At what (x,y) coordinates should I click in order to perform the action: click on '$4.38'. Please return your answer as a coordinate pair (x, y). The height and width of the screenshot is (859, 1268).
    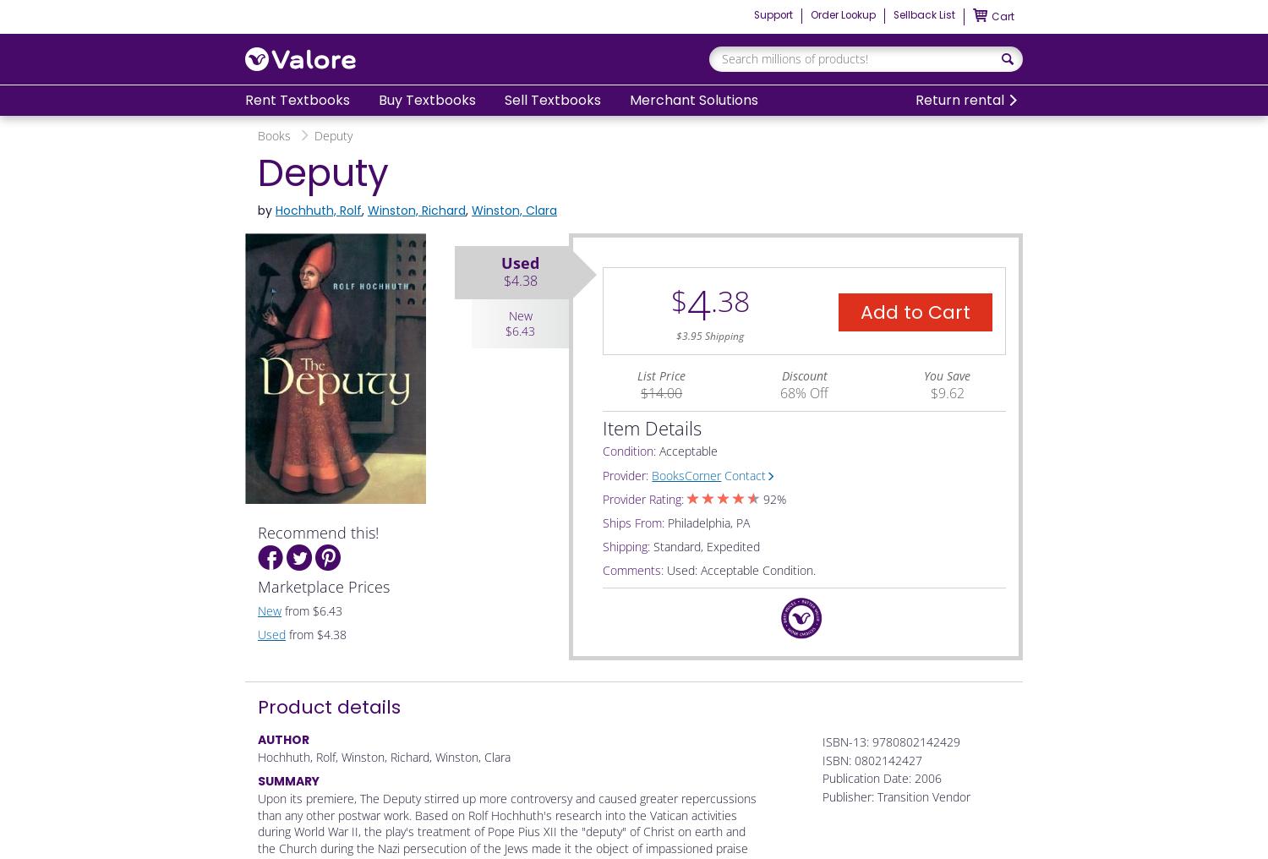
    Looking at the image, I should click on (331, 633).